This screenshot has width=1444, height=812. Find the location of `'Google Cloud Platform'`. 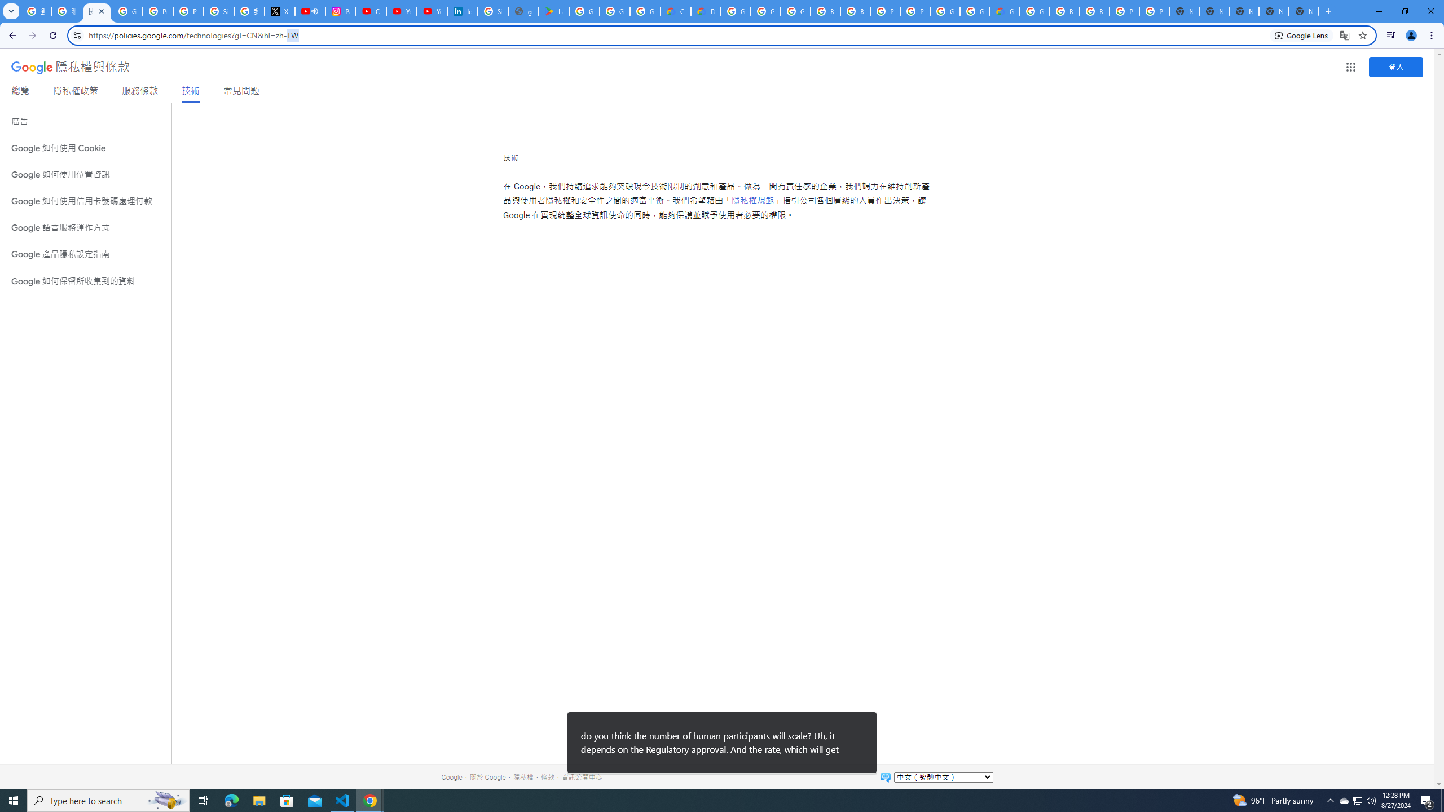

'Google Cloud Platform' is located at coordinates (975, 11).